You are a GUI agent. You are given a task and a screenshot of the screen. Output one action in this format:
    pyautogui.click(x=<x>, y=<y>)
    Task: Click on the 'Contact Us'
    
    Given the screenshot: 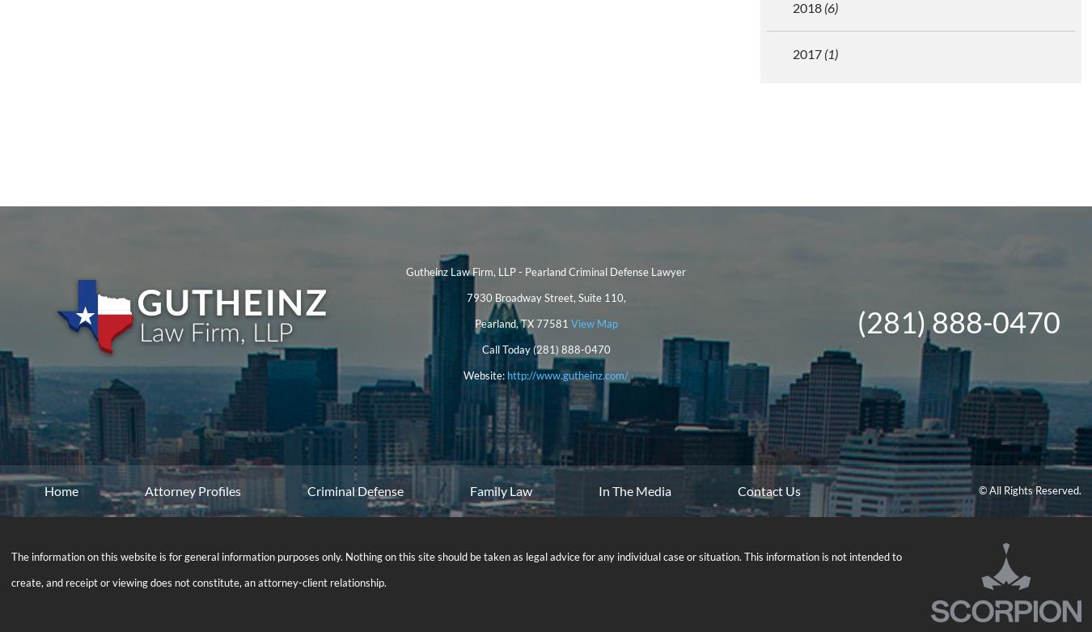 What is the action you would take?
    pyautogui.click(x=768, y=490)
    